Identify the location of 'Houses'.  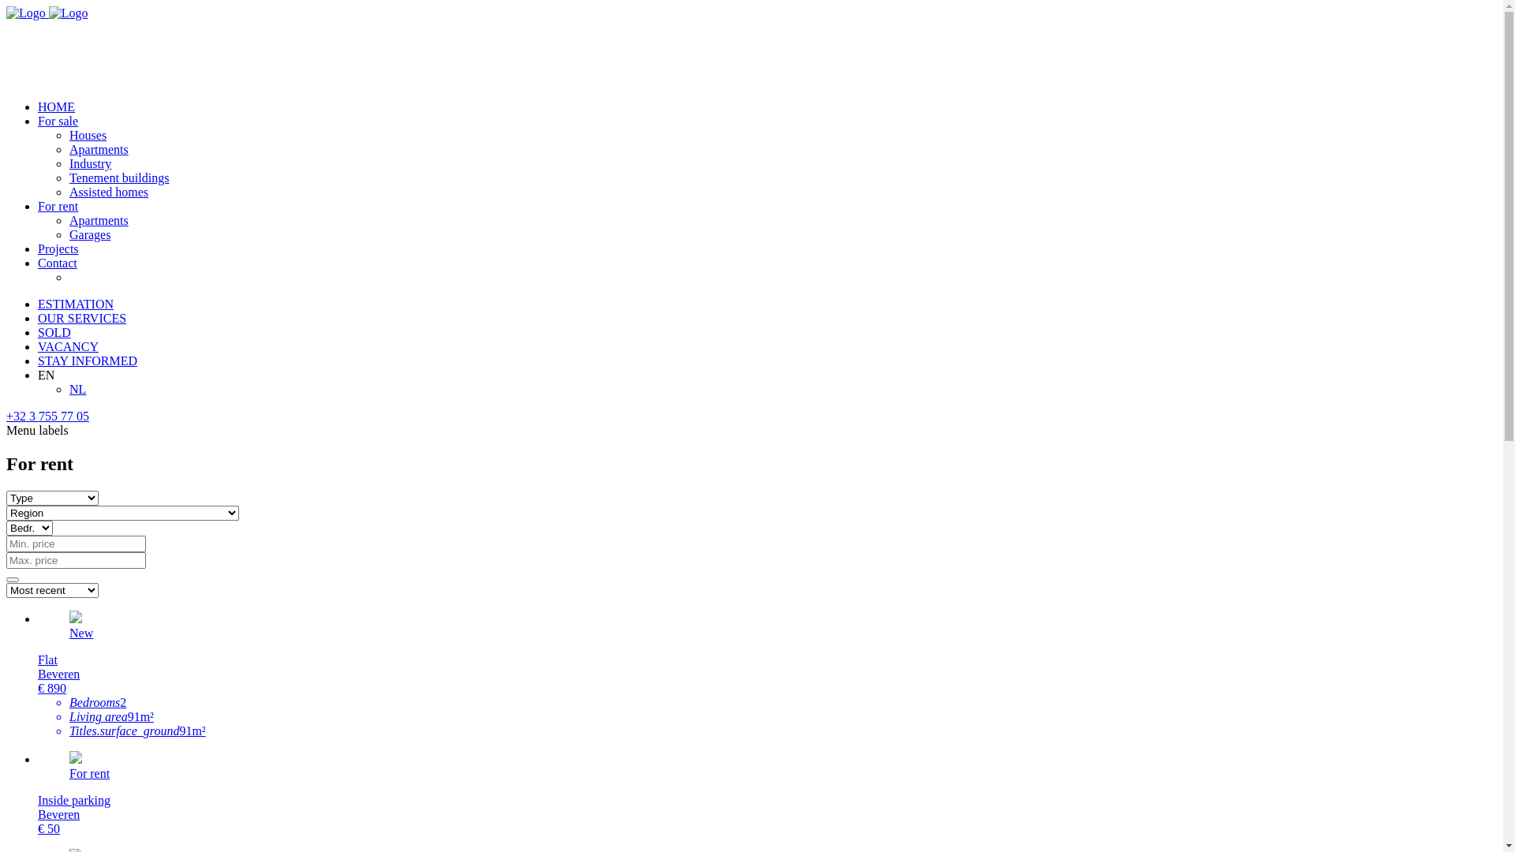
(68, 134).